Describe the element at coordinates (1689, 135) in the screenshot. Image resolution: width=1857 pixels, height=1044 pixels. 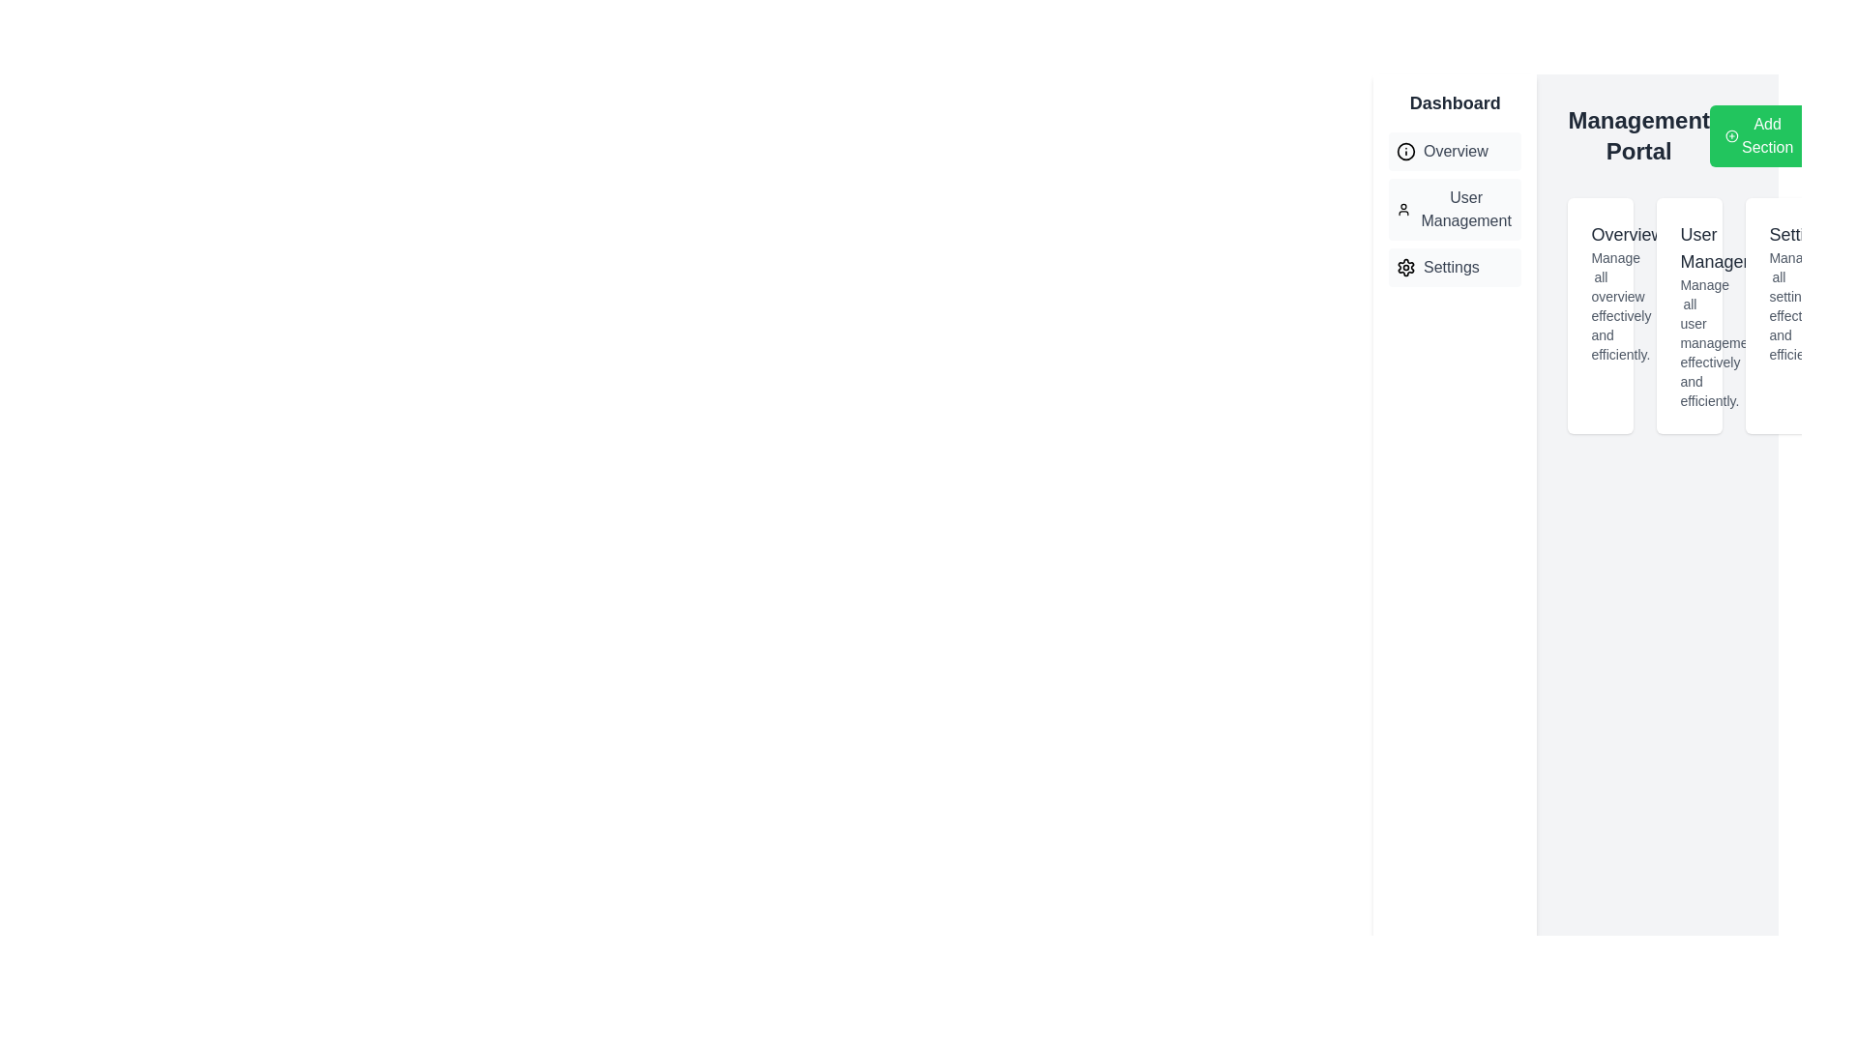
I see `the heading 'Management Portal'` at that location.